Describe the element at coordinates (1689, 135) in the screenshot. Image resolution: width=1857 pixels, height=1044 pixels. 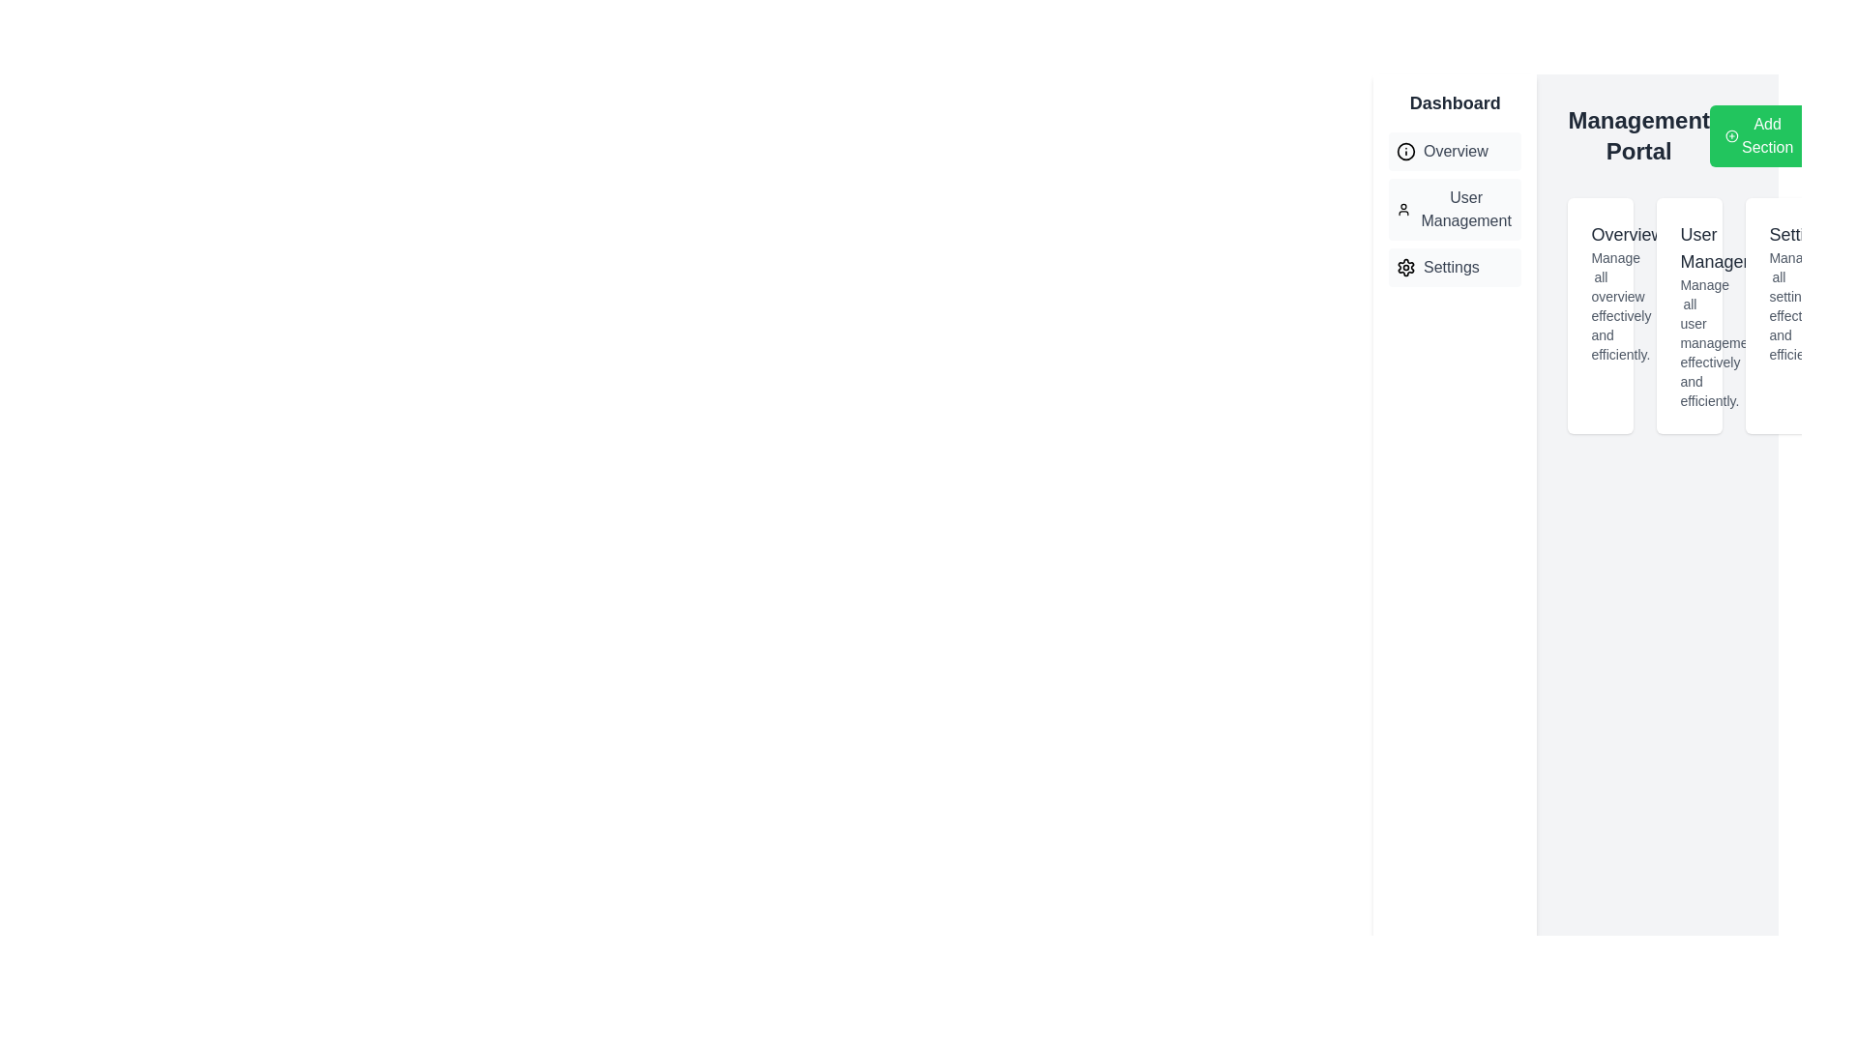
I see `the heading 'Management Portal'` at that location.